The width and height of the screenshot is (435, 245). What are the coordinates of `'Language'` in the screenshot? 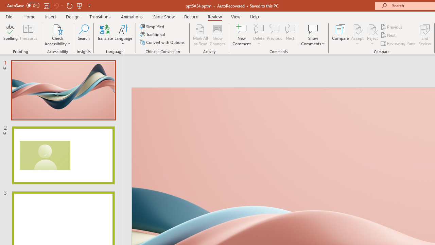 It's located at (123, 35).